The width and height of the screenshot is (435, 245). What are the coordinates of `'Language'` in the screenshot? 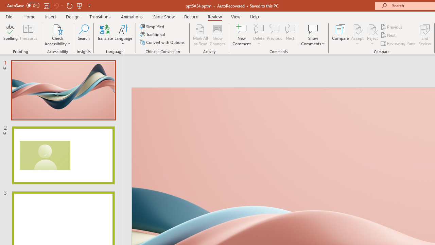 It's located at (123, 35).